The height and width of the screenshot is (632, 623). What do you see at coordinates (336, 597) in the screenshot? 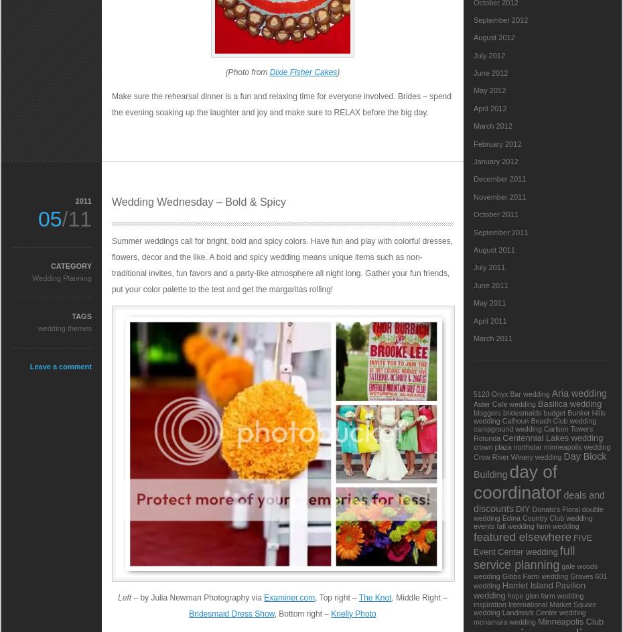
I see `', Top right –'` at bounding box center [336, 597].